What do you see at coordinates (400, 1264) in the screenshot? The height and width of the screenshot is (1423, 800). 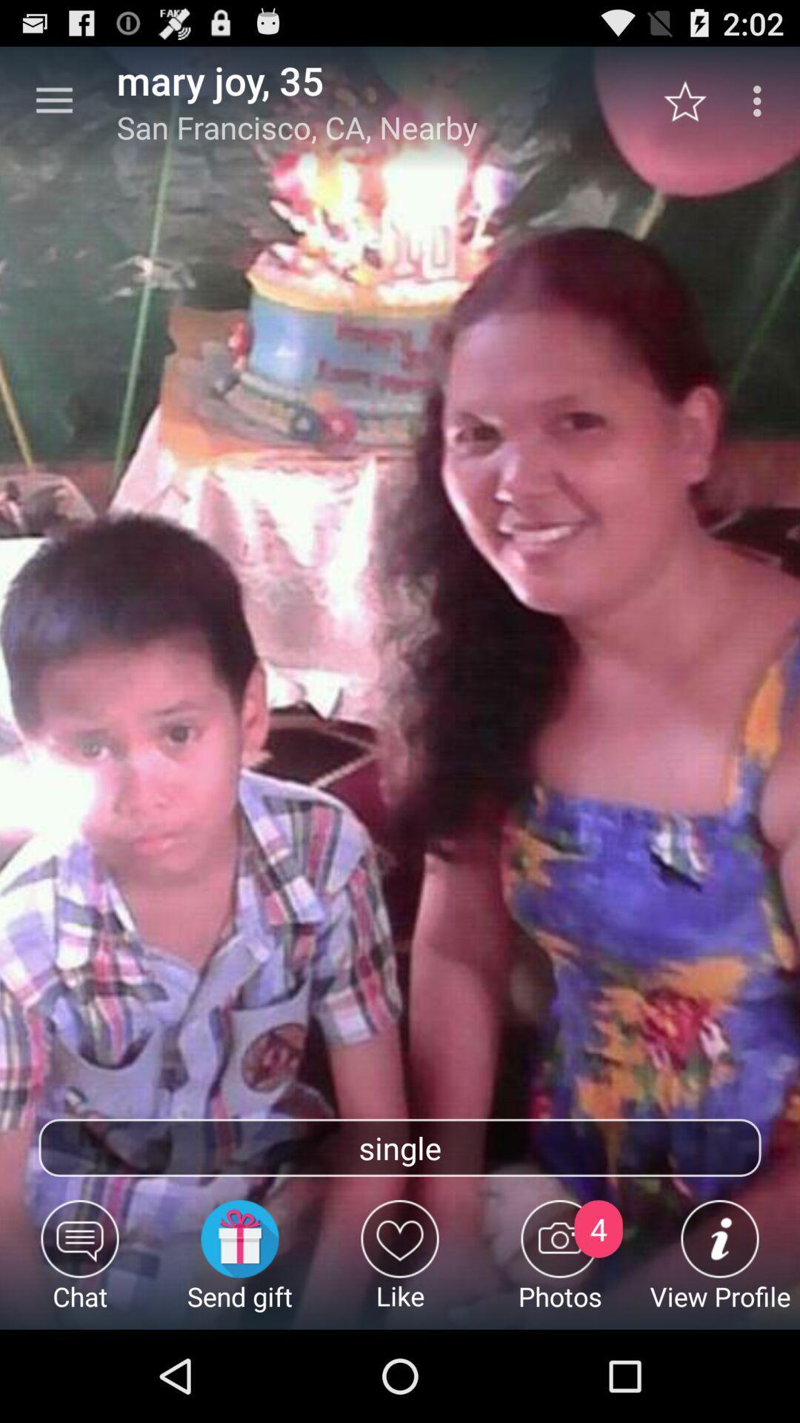 I see `the item next to the send gift icon` at bounding box center [400, 1264].